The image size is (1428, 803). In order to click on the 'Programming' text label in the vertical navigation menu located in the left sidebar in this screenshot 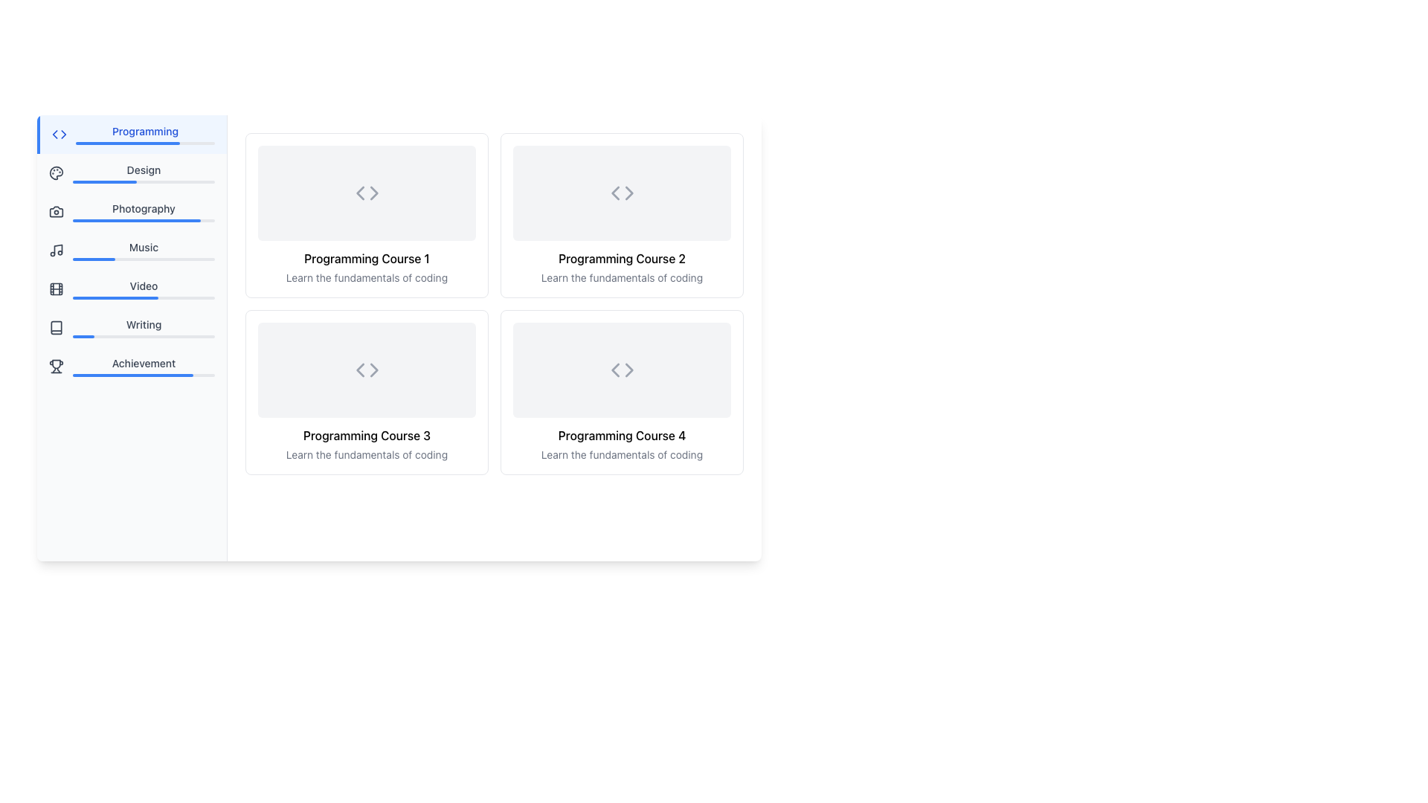, I will do `click(145, 131)`.